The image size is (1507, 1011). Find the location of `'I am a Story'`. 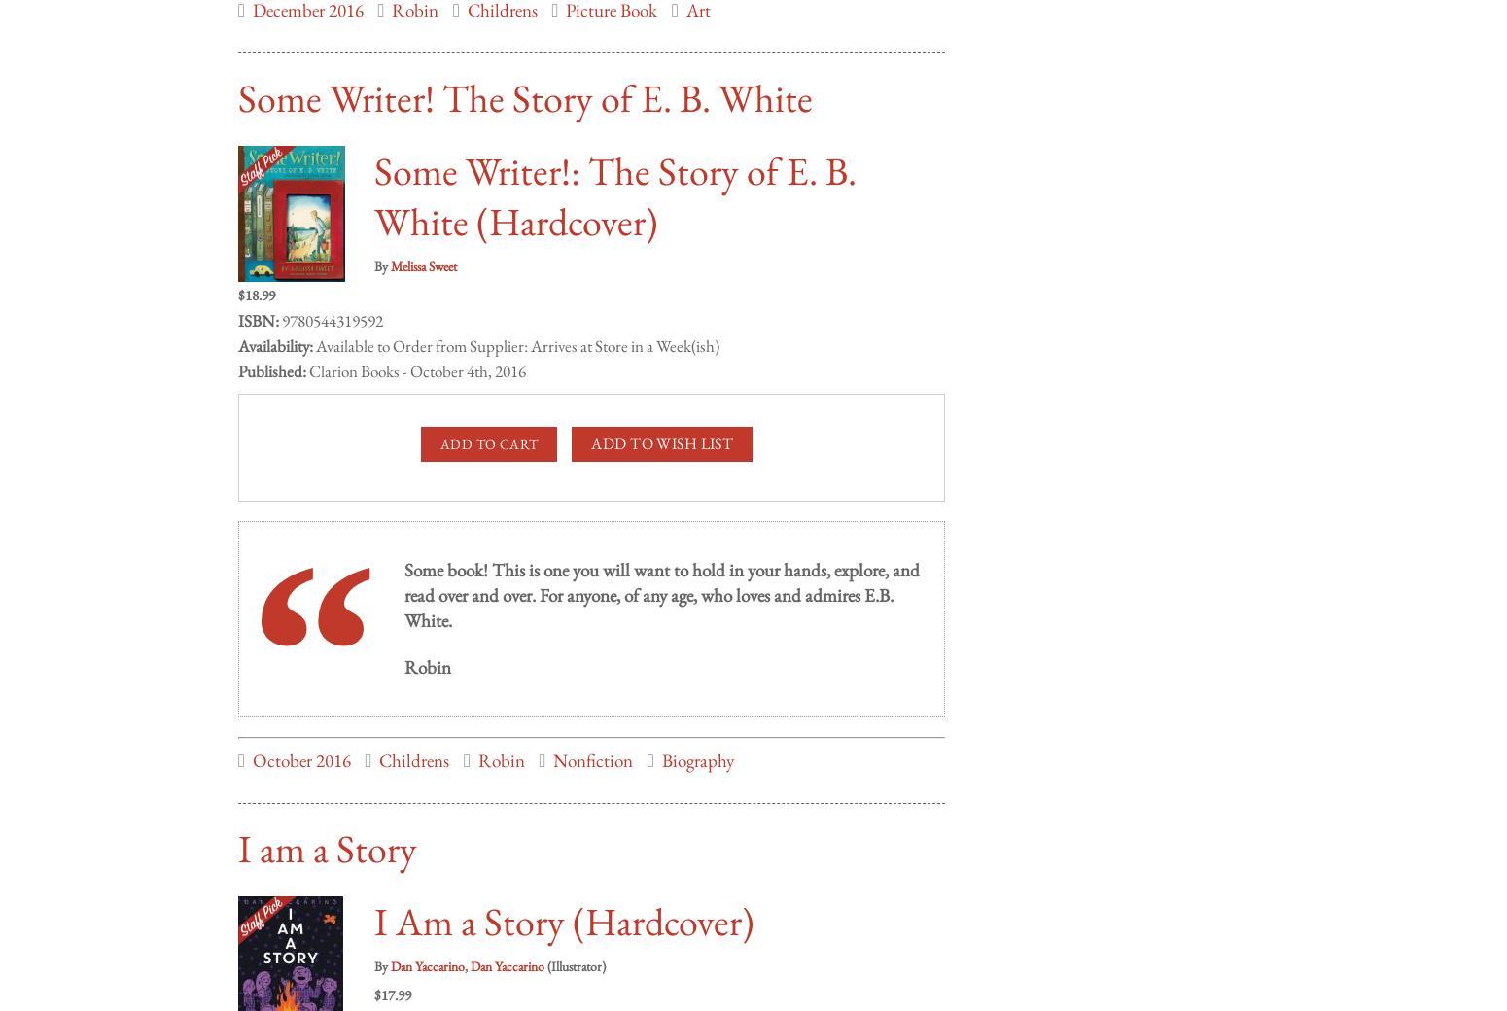

'I am a Story' is located at coordinates (326, 828).